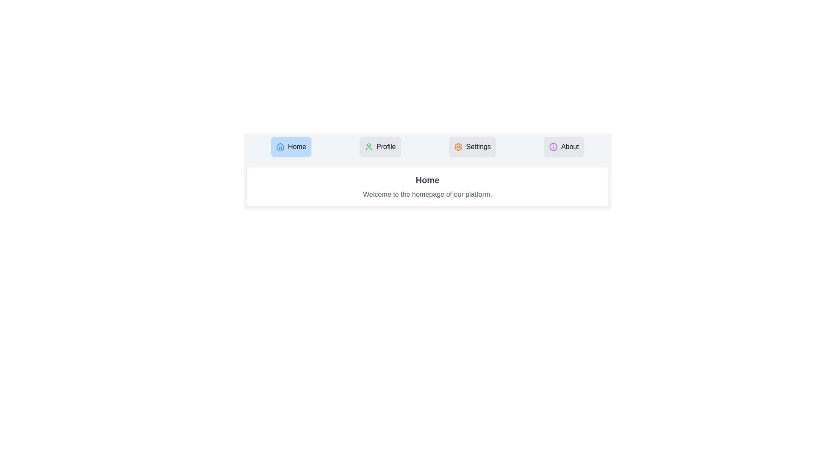 This screenshot has width=818, height=460. Describe the element at coordinates (472, 146) in the screenshot. I see `the Settings tab by clicking on its button` at that location.